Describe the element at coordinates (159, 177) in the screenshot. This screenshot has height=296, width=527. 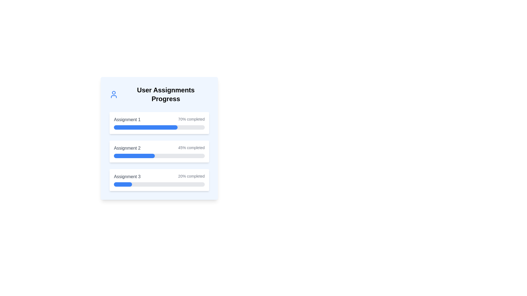
I see `the informational block that summarizes the progress for 'Assignment 3', which is located in the third assignment section, below 'Assignment 2' and above its progress bar` at that location.